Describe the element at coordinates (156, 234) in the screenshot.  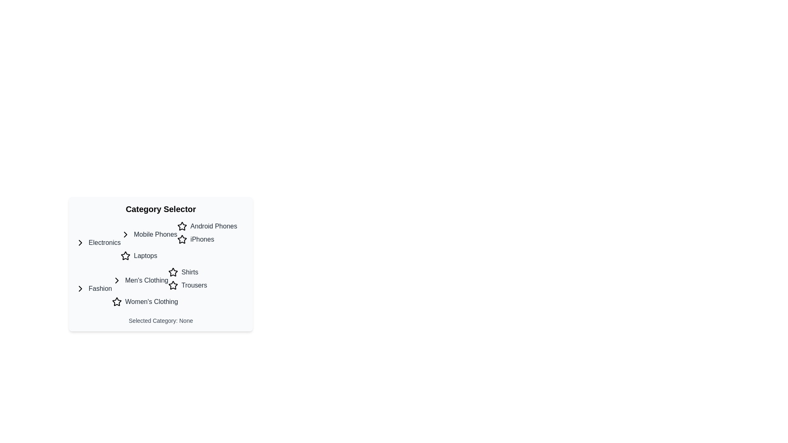
I see `the interactive text link for 'Mobile Phones', which is positioned under the 'Category Selector' heading` at that location.